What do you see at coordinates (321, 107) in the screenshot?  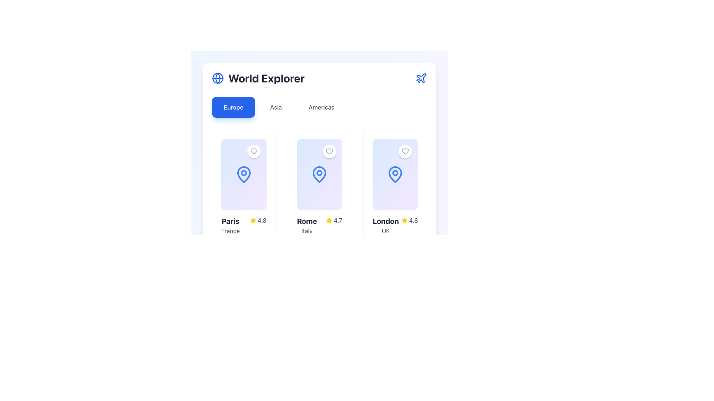 I see `the 'Americas' button, the third button in the horizontal stack of buttons for filtering content in the 'World Explorer' interface` at bounding box center [321, 107].